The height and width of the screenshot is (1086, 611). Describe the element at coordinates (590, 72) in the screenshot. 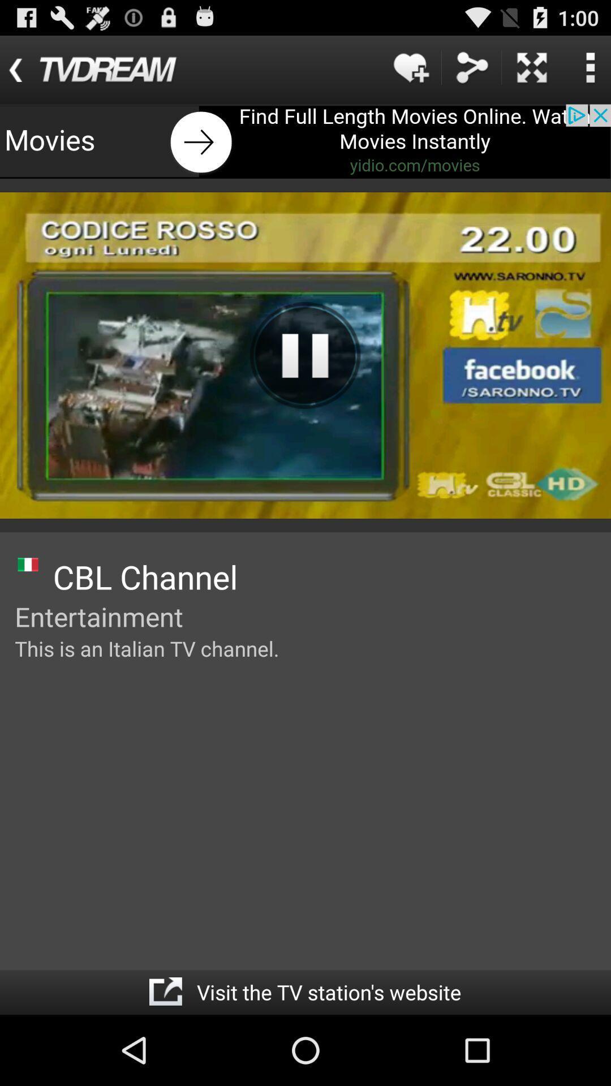

I see `the more icon` at that location.